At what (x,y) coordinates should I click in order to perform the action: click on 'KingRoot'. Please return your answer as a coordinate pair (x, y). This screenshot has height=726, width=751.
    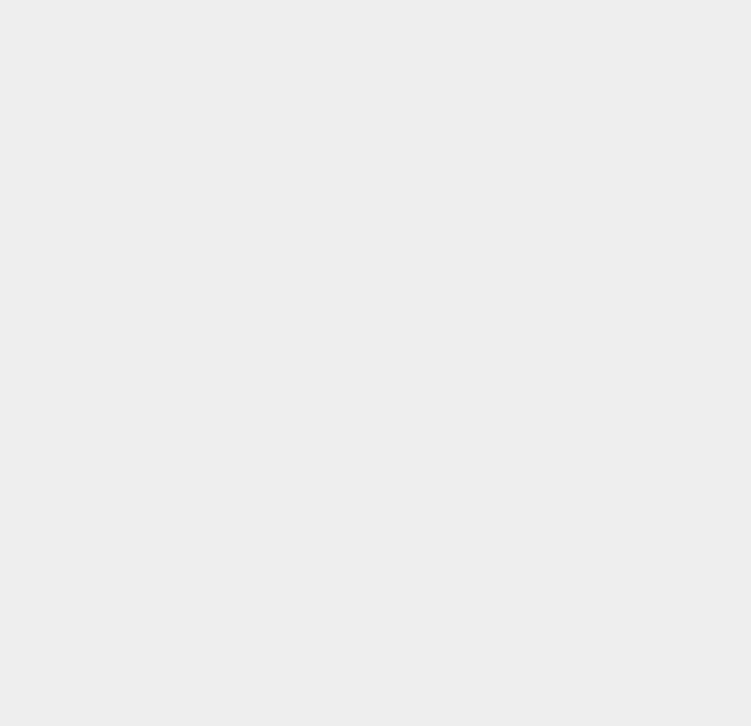
    Looking at the image, I should click on (550, 635).